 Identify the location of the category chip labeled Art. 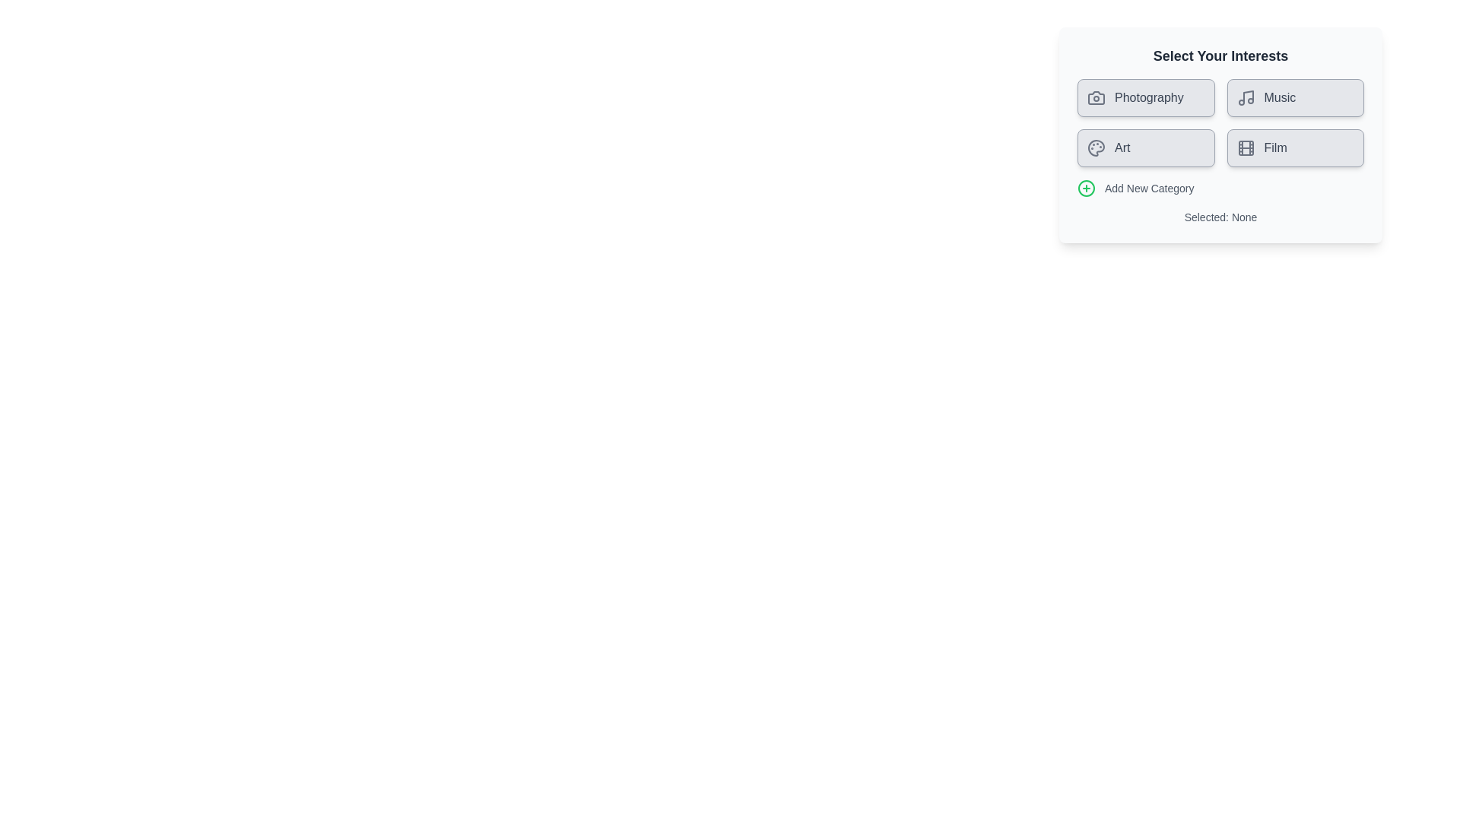
(1146, 148).